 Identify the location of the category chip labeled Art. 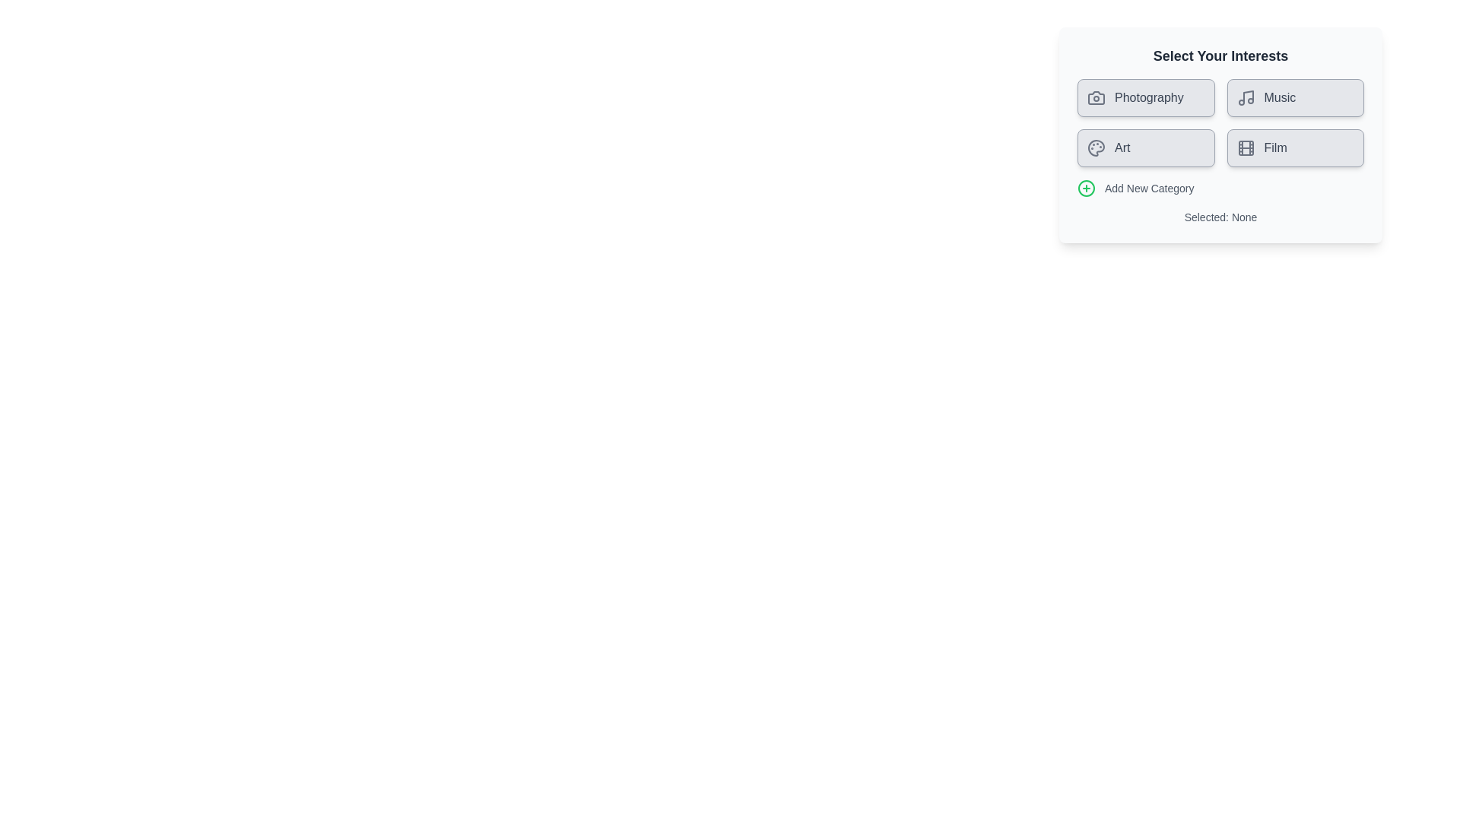
(1146, 148).